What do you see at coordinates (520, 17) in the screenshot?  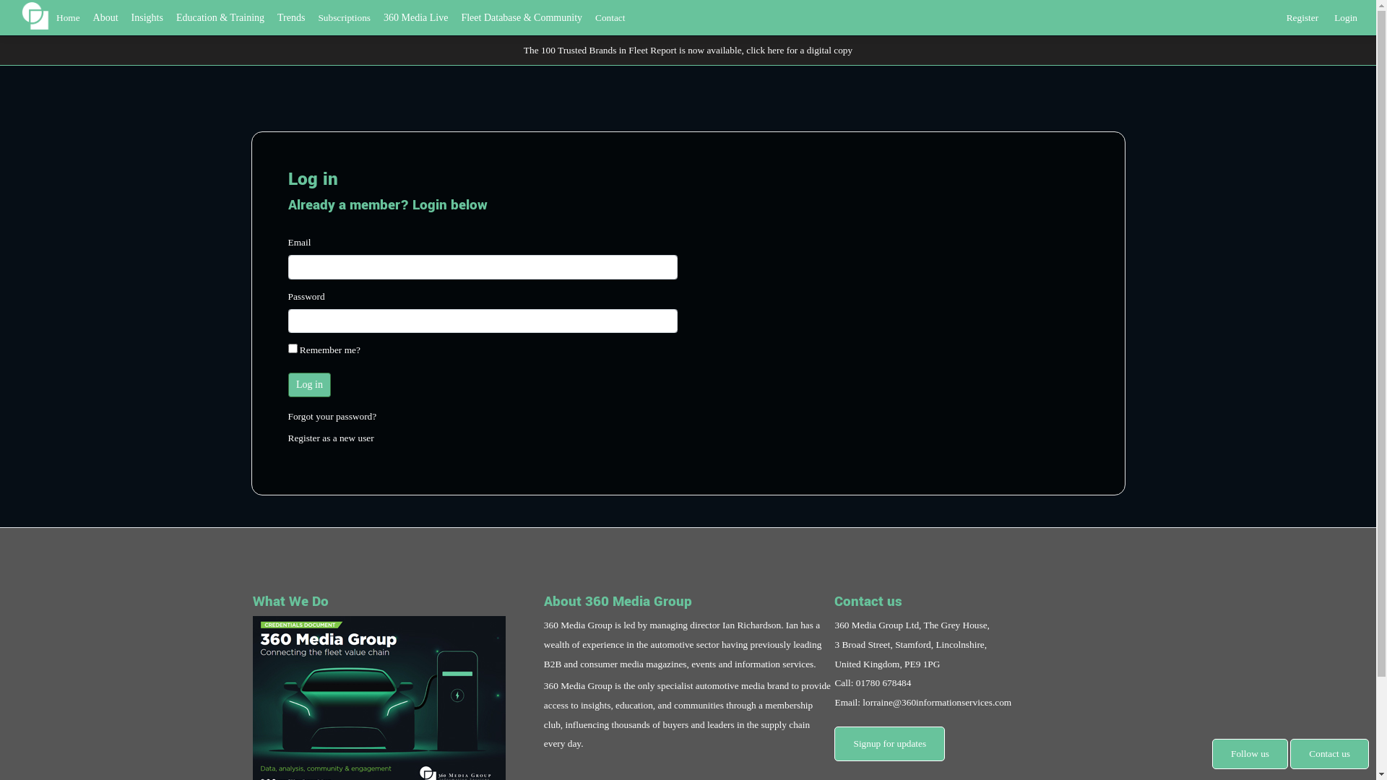 I see `'Fleet Database & Community'` at bounding box center [520, 17].